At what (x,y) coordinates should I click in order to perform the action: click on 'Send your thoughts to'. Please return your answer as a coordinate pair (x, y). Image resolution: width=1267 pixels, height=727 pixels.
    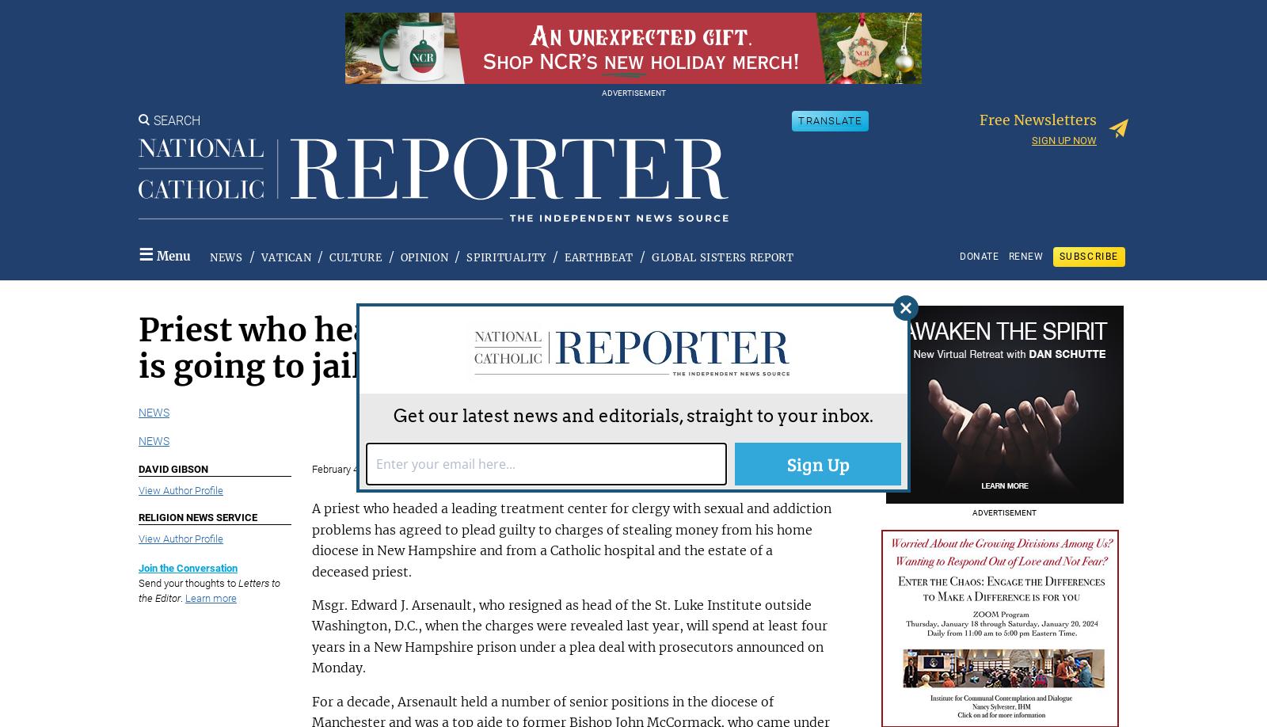
    Looking at the image, I should click on (188, 581).